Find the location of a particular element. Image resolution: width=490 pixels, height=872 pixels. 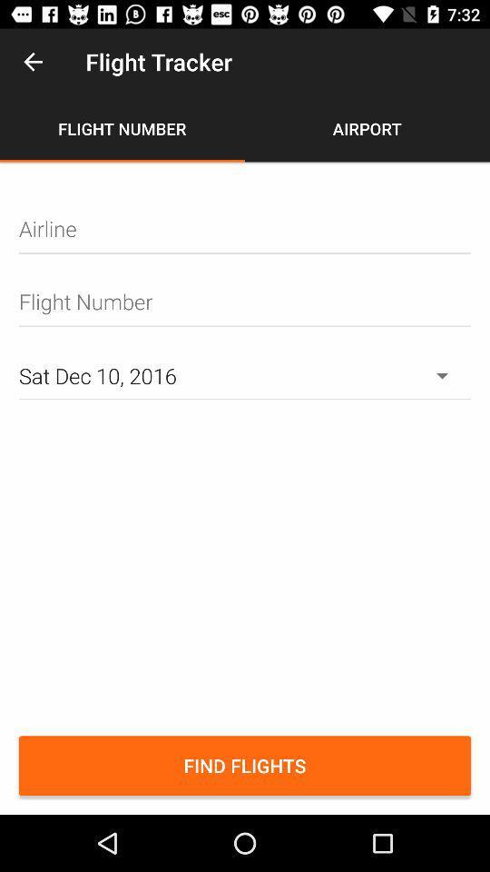

find flights icon is located at coordinates (245, 765).